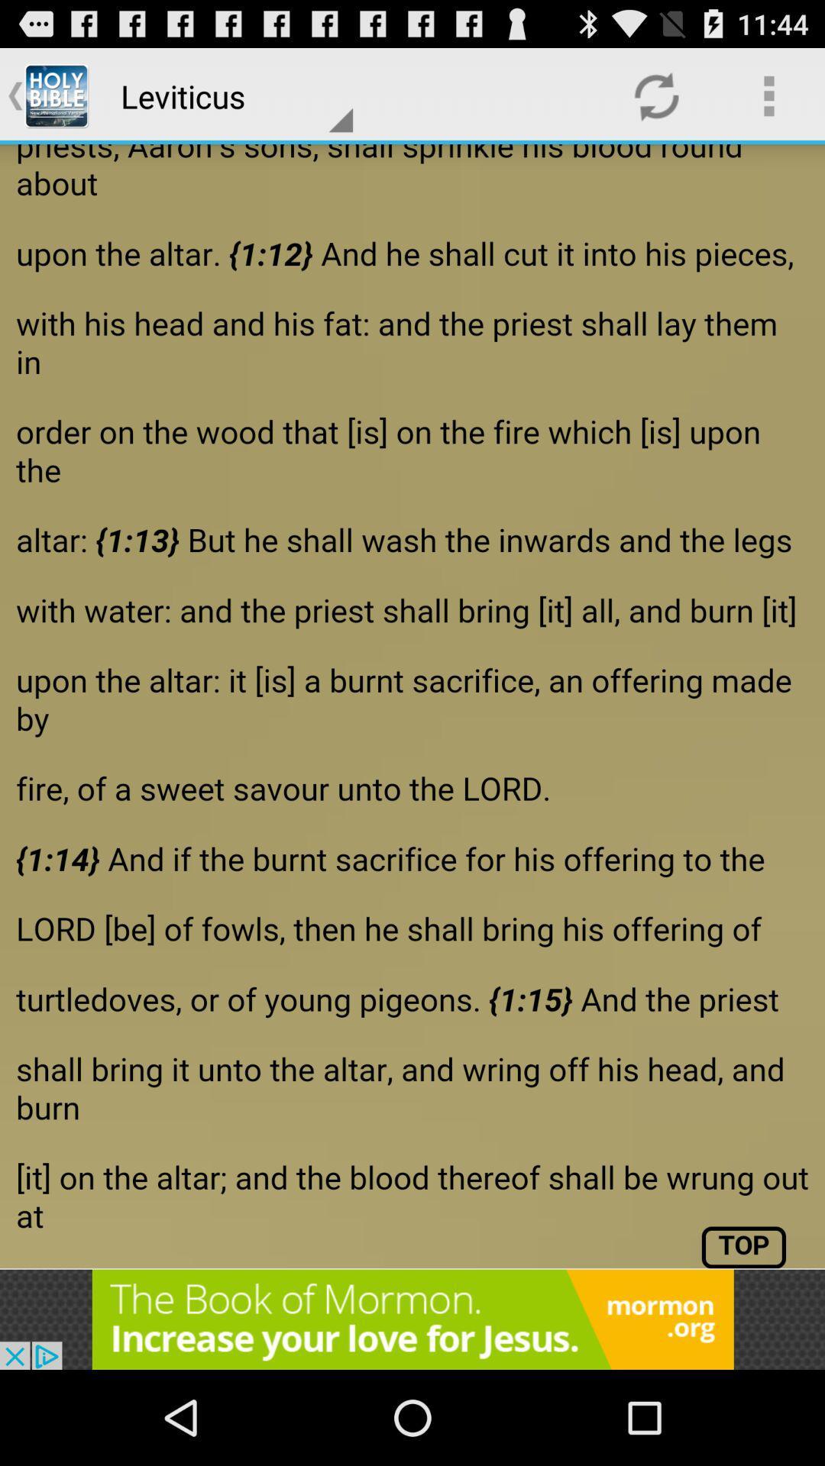 Image resolution: width=825 pixels, height=1466 pixels. Describe the element at coordinates (412, 1319) in the screenshot. I see `advertisement` at that location.